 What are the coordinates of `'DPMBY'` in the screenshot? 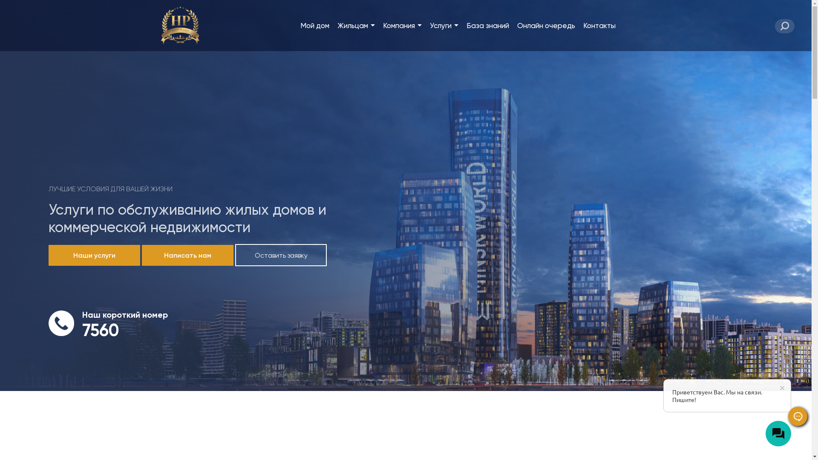 It's located at (180, 25).